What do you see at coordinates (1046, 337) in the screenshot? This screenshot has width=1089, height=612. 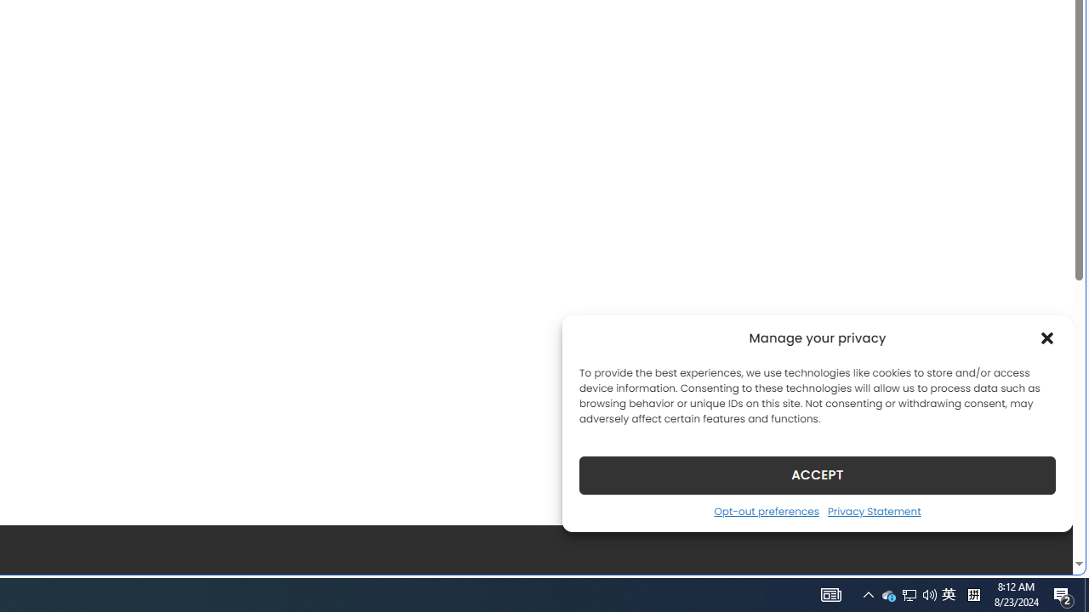 I see `'Class: cmplz-close'` at bounding box center [1046, 337].